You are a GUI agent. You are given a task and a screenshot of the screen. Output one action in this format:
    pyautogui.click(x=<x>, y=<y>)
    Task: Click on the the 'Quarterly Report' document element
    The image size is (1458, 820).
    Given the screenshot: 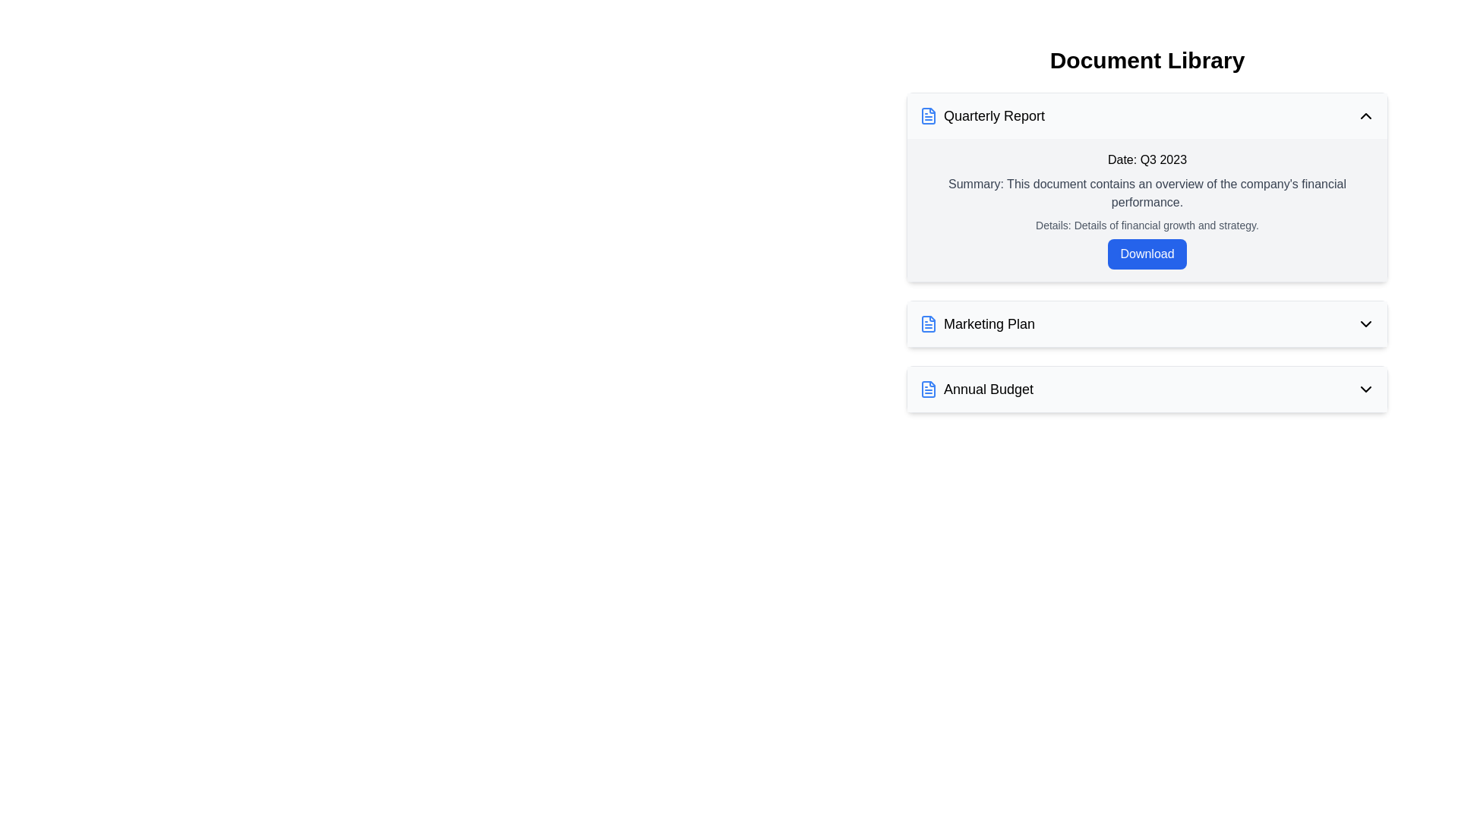 What is the action you would take?
    pyautogui.click(x=1147, y=251)
    